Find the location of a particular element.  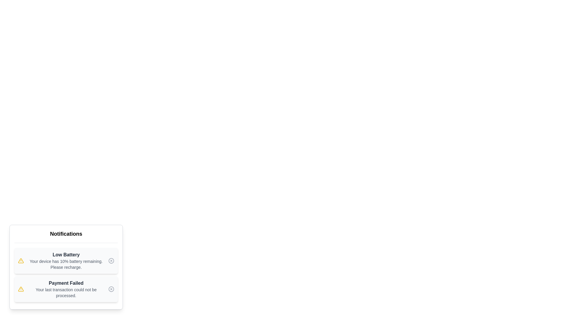

the text element that displays 'Your last transaction could not be processed.' located below the 'Payment Failed.' message in the second notification section is located at coordinates (66, 293).